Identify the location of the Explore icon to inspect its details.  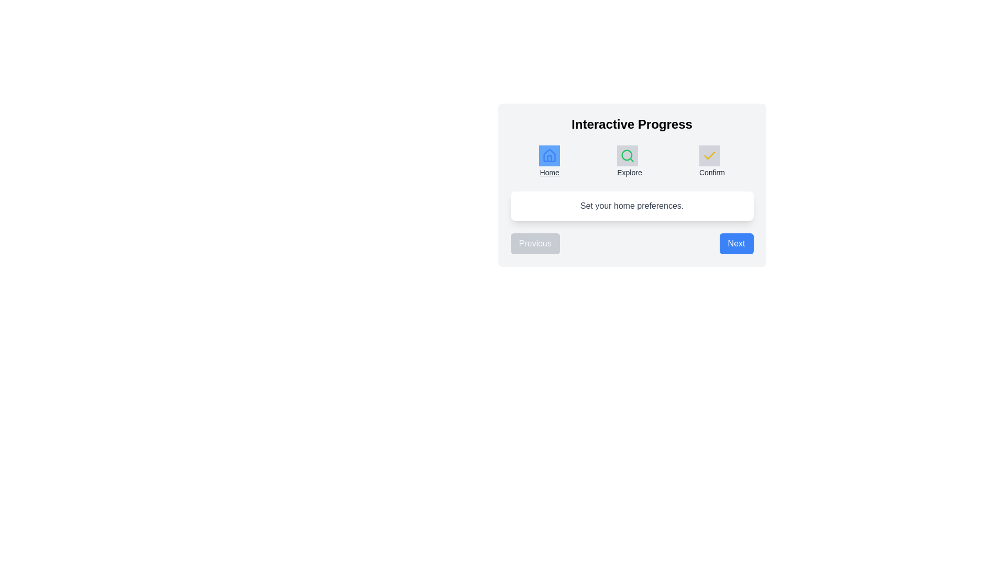
(628, 155).